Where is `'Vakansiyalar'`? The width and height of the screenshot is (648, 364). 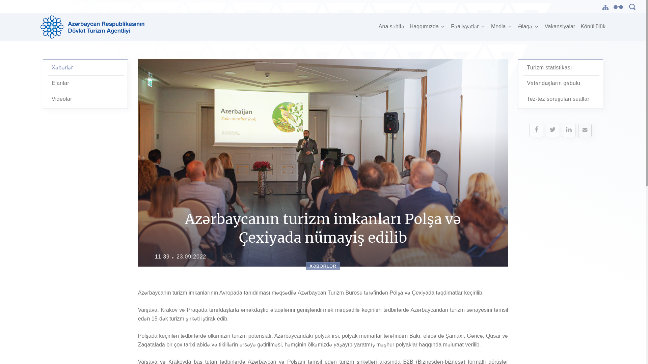 'Vakansiyalar' is located at coordinates (560, 26).